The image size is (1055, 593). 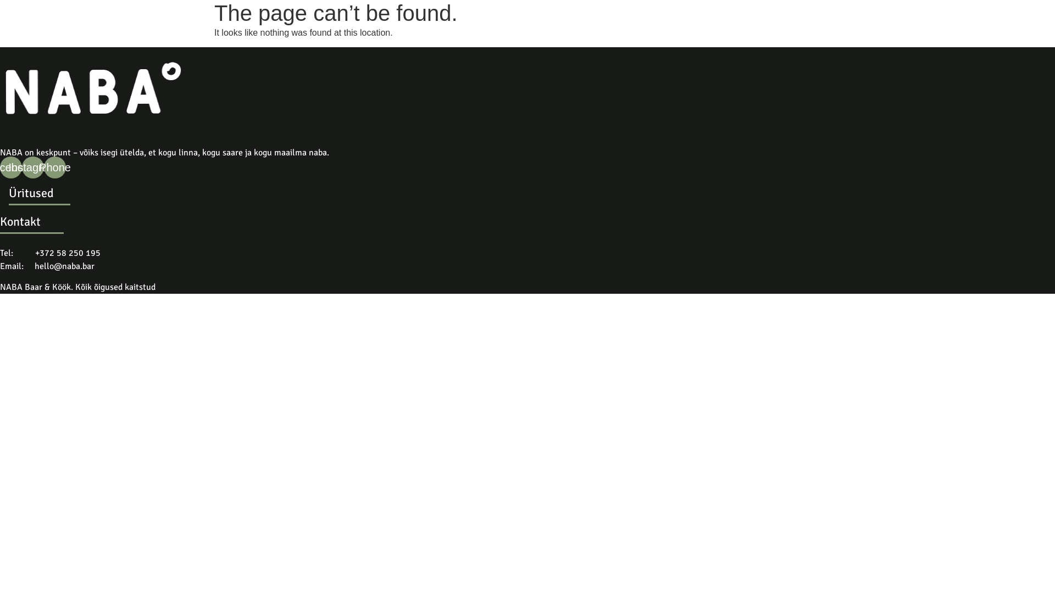 I want to click on 'Skip to content', so click(x=0, y=0).